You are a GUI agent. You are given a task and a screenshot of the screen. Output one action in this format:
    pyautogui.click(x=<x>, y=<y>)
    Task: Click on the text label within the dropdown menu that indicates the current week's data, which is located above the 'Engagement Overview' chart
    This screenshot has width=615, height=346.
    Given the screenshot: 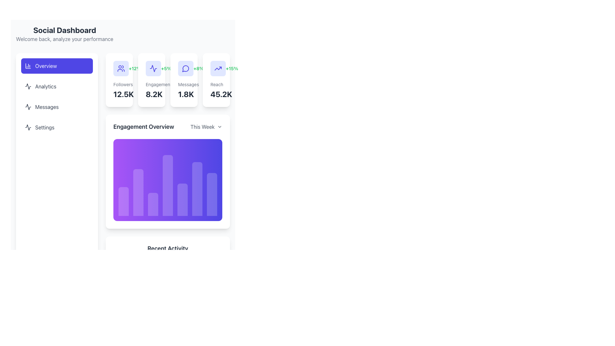 What is the action you would take?
    pyautogui.click(x=202, y=127)
    